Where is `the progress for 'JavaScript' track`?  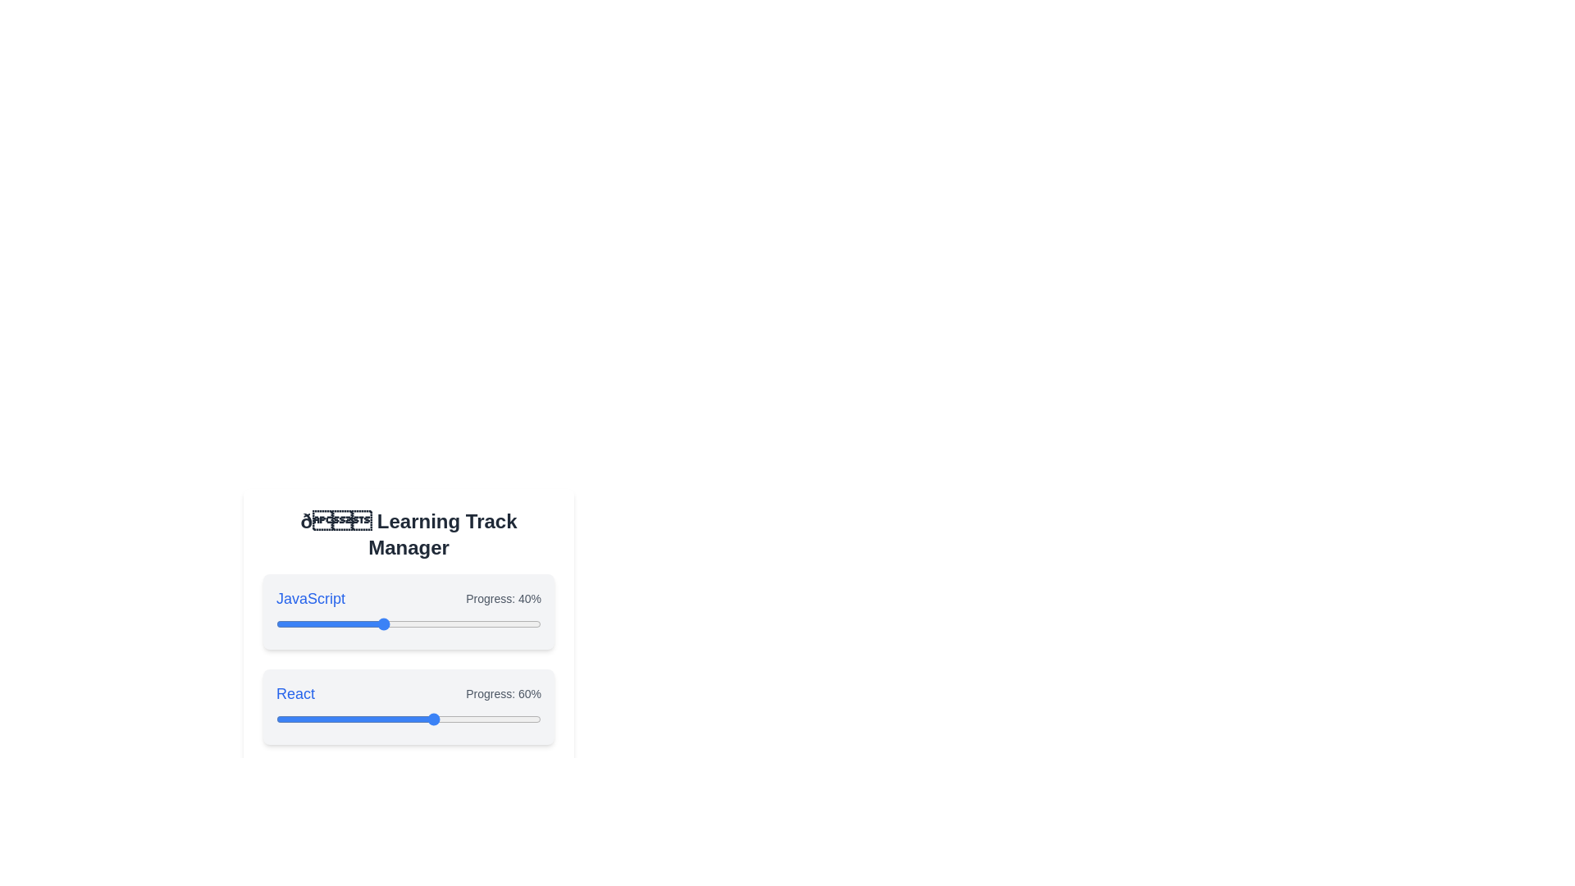 the progress for 'JavaScript' track is located at coordinates (313, 623).